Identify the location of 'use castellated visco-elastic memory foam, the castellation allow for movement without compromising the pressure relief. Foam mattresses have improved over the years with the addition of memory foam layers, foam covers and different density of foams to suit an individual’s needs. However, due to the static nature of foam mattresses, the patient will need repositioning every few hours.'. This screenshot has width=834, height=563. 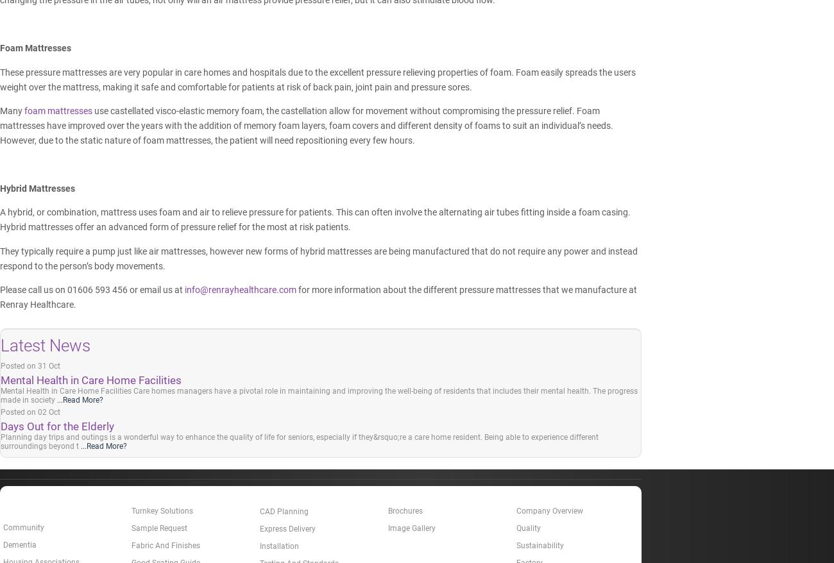
(306, 124).